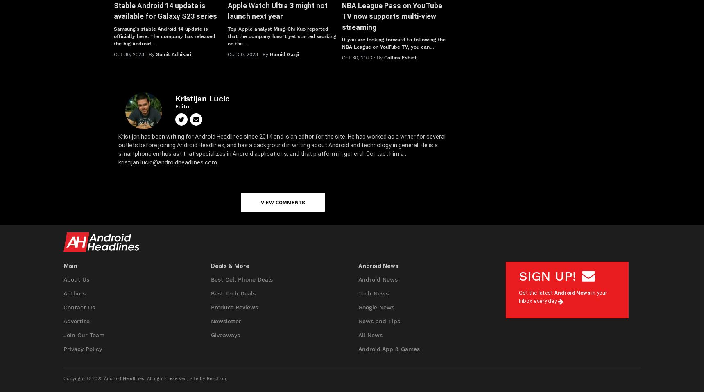 This screenshot has height=392, width=704. I want to click on 'Copyright © 2023 Android Headlines. All rights reserved. Site by Reaction.', so click(63, 378).